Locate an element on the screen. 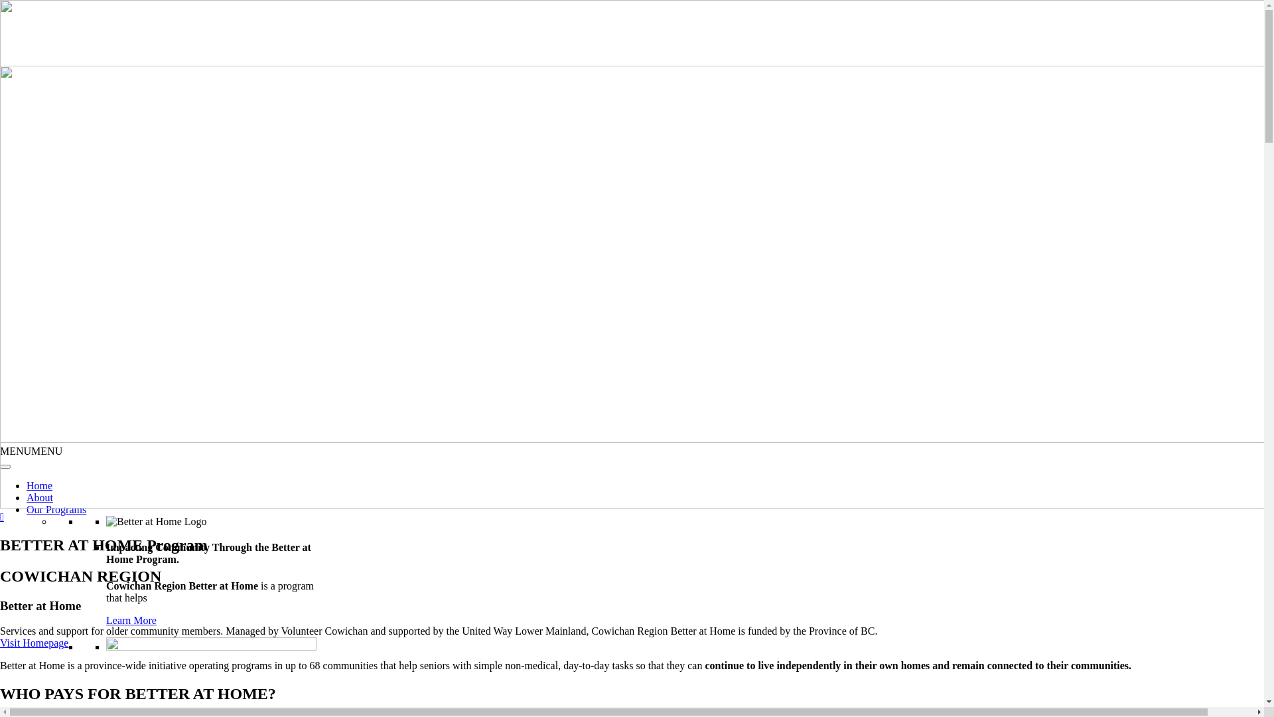  'Learn More' is located at coordinates (131, 620).